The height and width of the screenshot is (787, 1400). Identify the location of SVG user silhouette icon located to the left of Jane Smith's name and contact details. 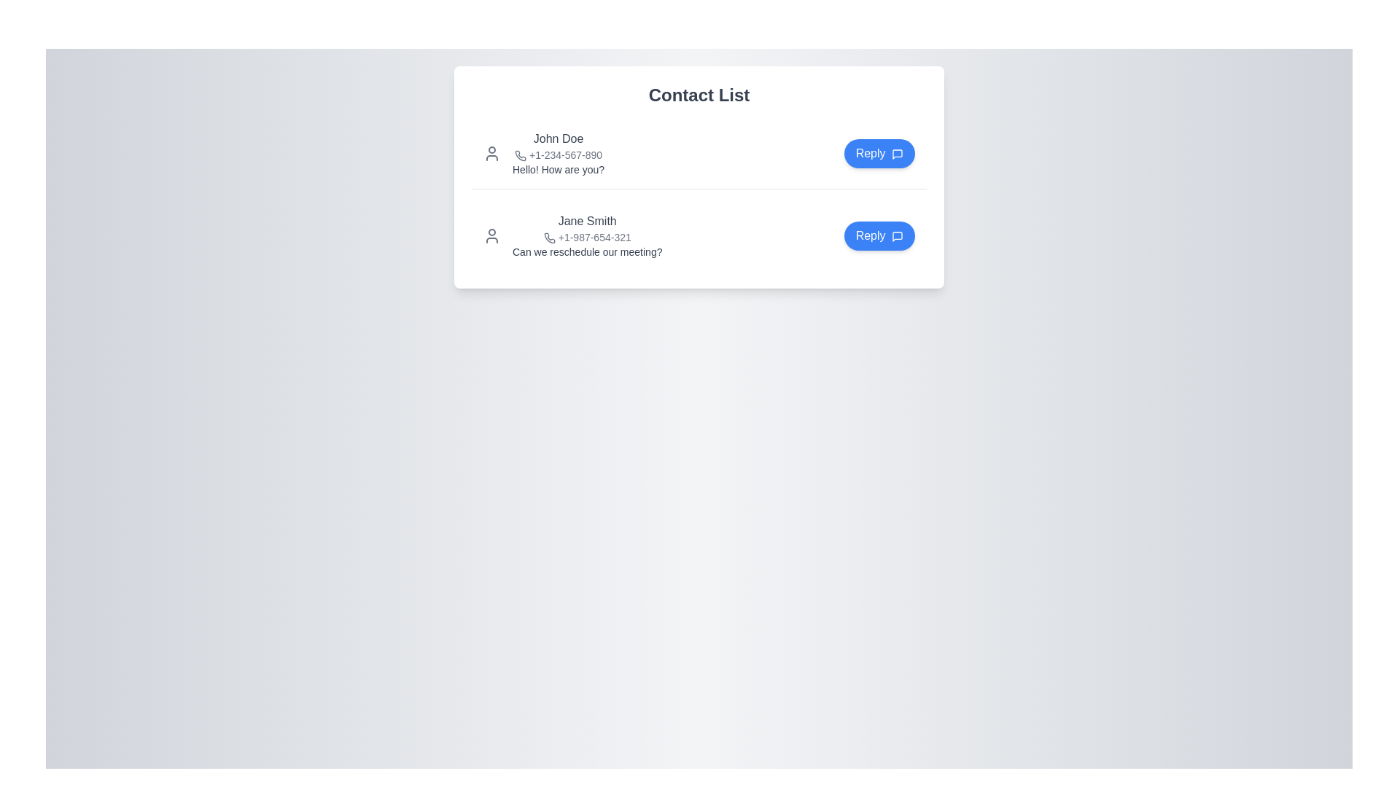
(492, 235).